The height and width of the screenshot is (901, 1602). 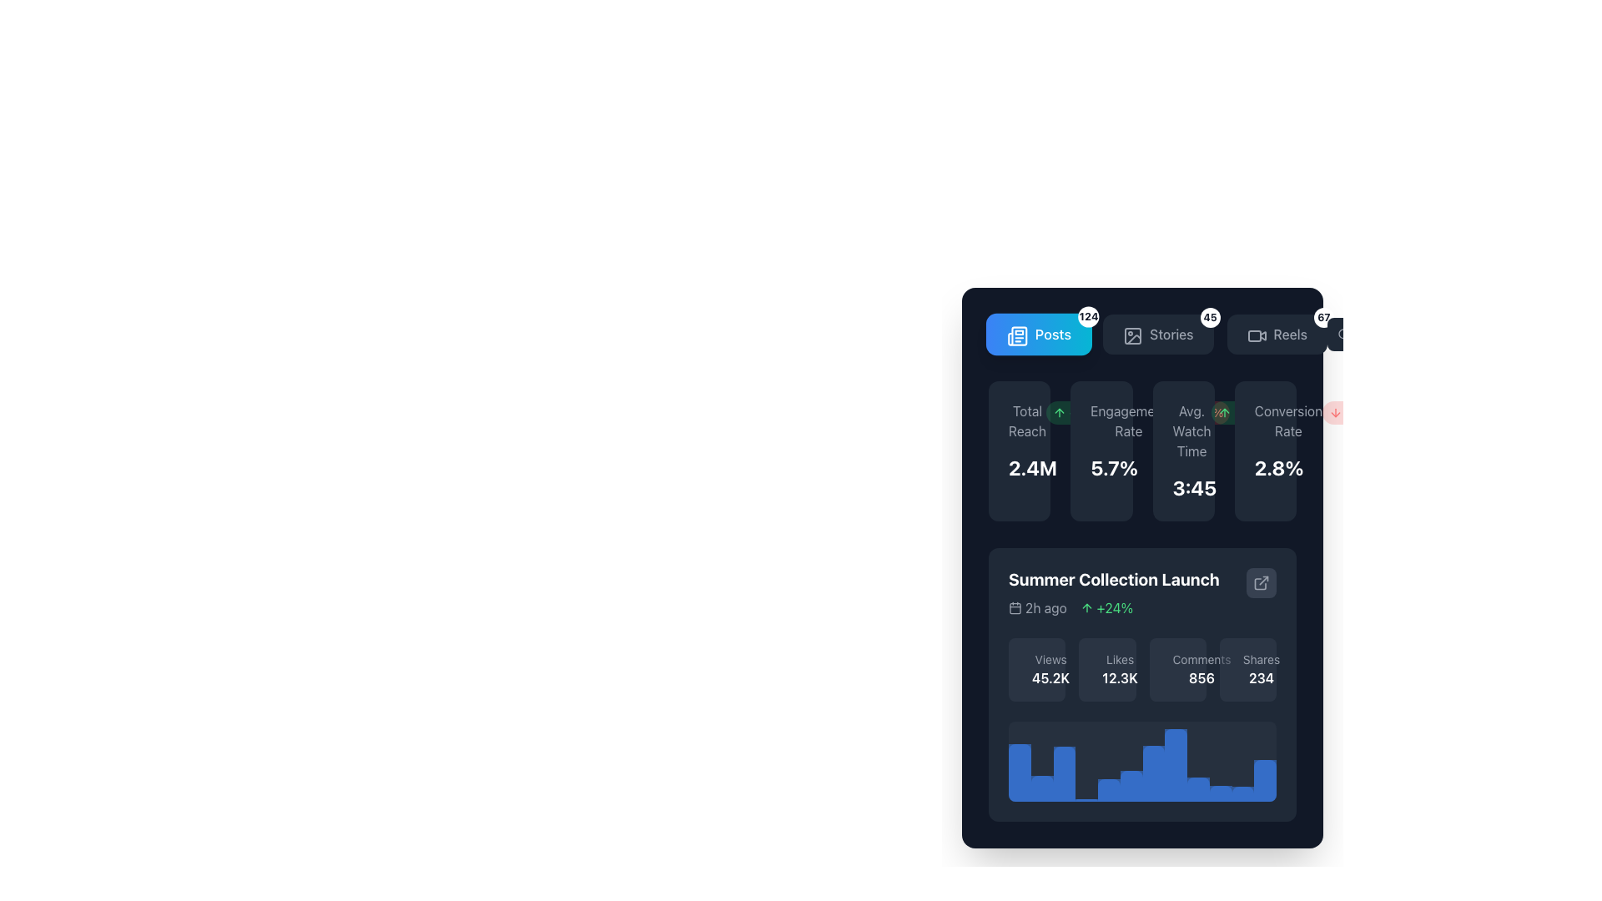 I want to click on the last (twelfth) bar segment of the histogram chart, which is a narrow, vertically oriented light blue bar with a rounded top, so click(x=1265, y=780).